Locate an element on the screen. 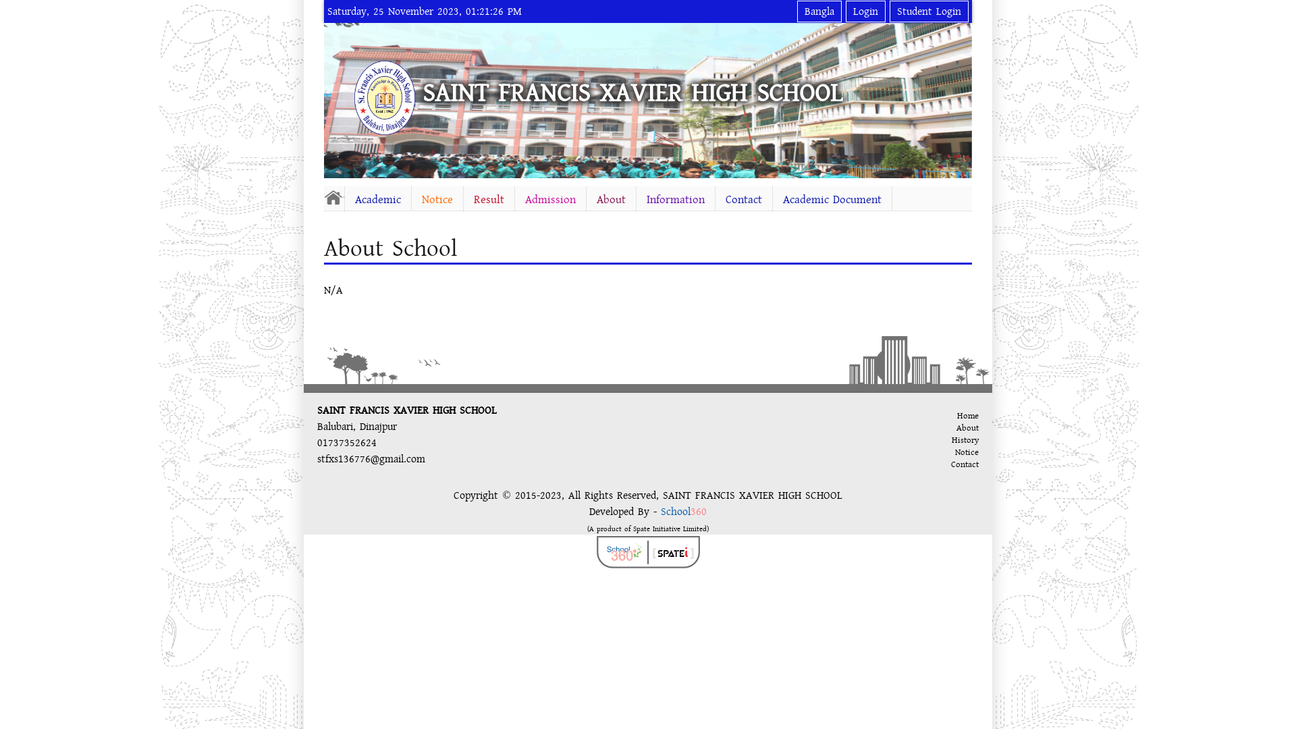 This screenshot has height=729, width=1296. 'Result' is located at coordinates (463, 200).